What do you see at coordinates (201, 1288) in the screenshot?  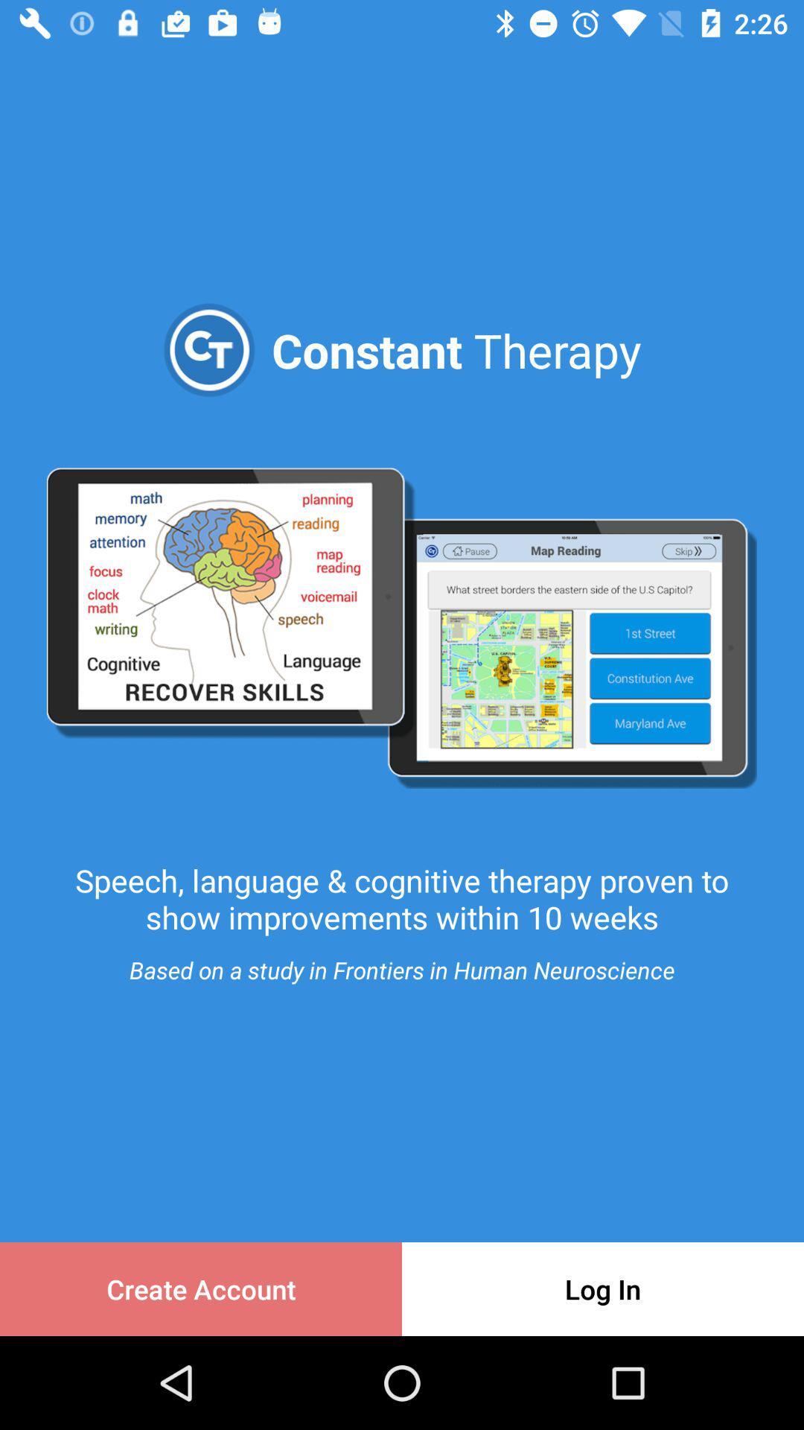 I see `the item at the bottom left corner` at bounding box center [201, 1288].